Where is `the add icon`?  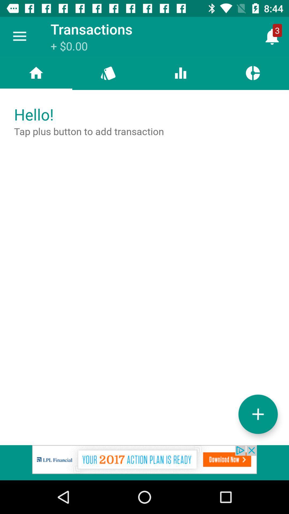
the add icon is located at coordinates (258, 414).